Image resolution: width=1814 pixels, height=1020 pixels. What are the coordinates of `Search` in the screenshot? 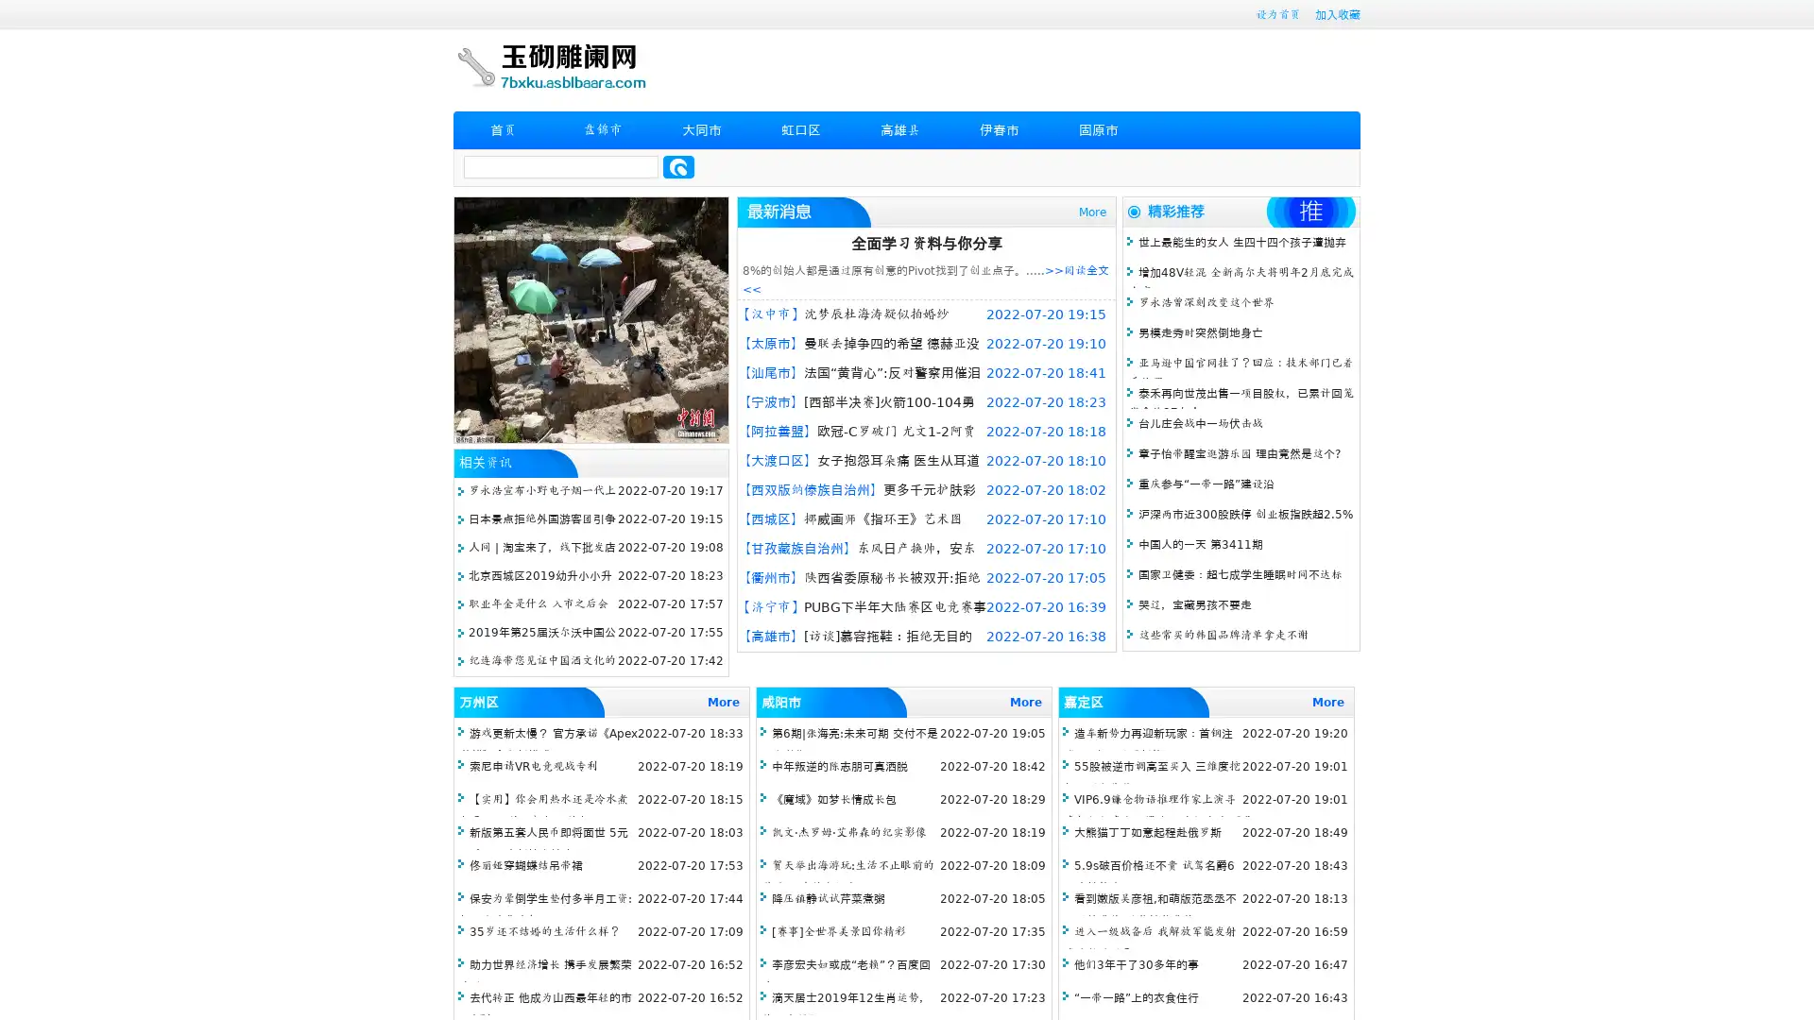 It's located at (678, 166).